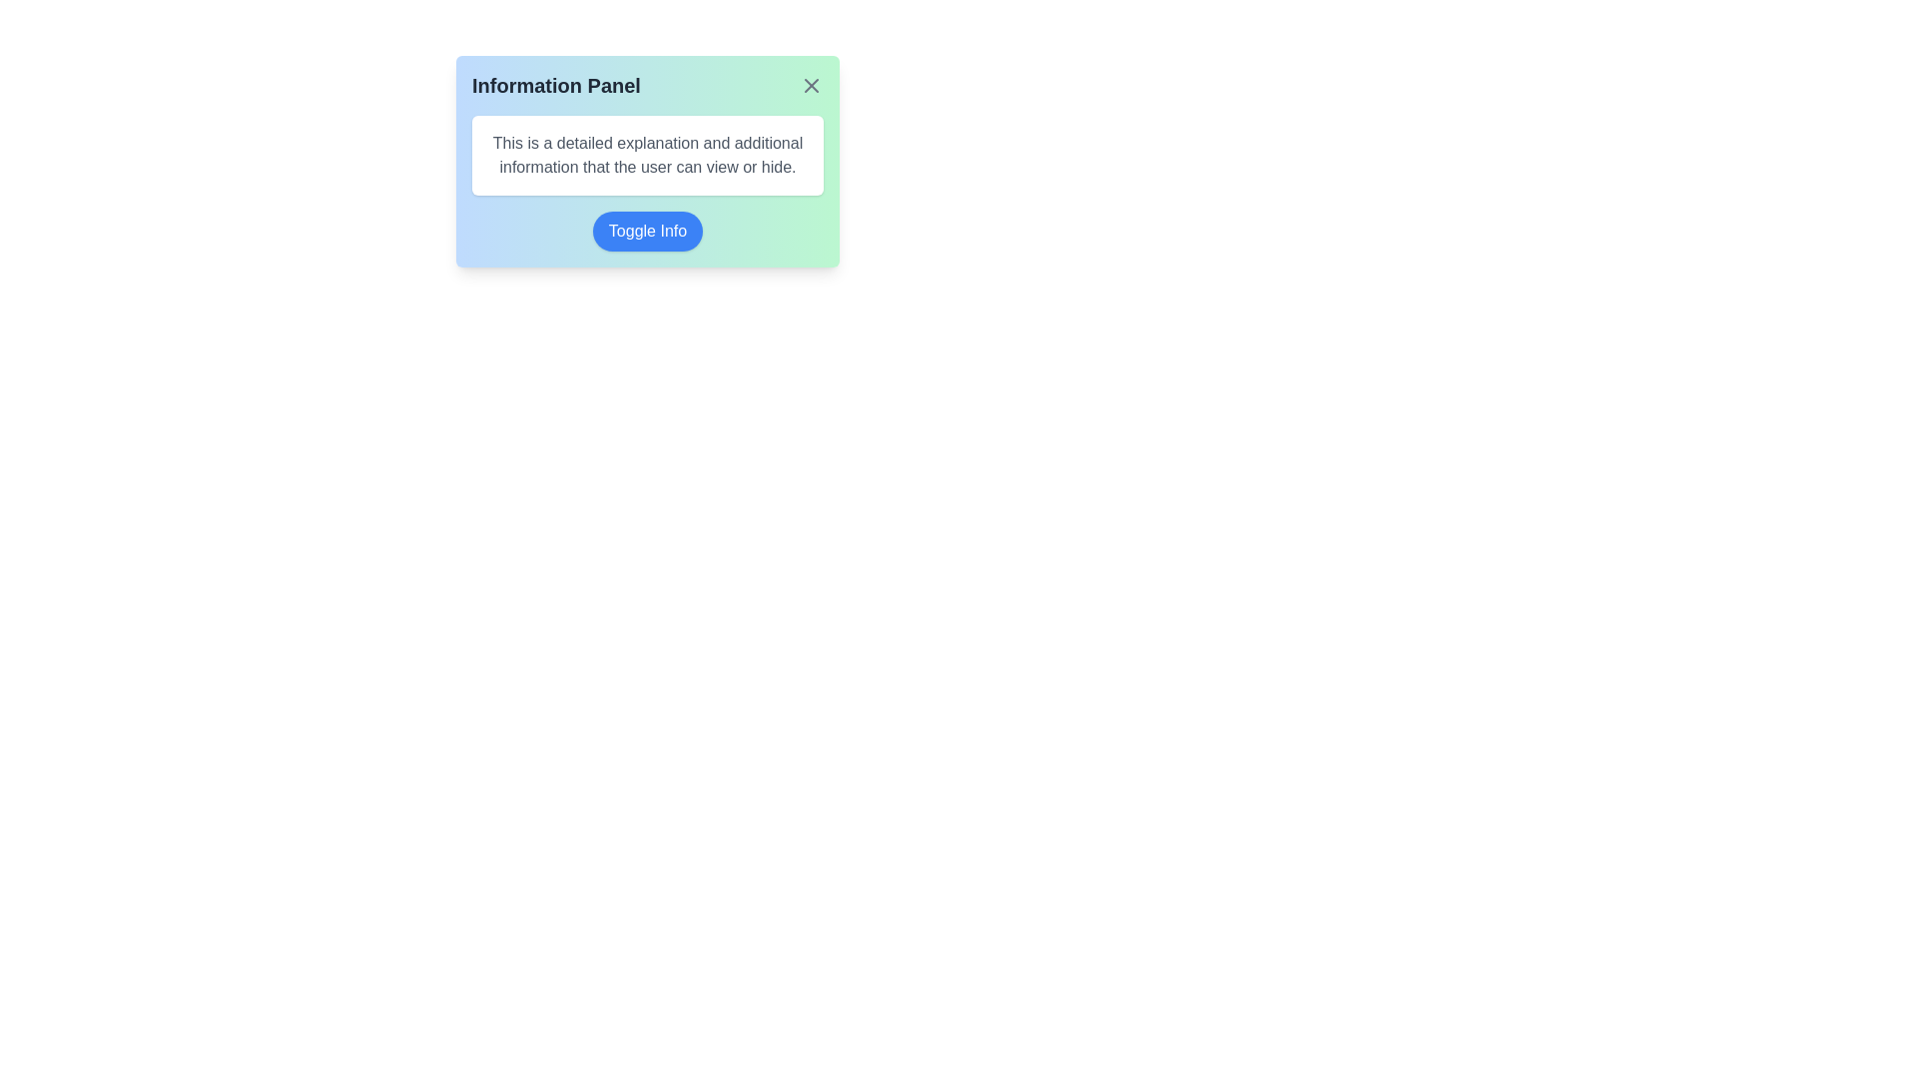 The image size is (1917, 1078). What do you see at coordinates (647, 154) in the screenshot?
I see `the Text Label that displays additional explanations or details, located in the 'Information Panel' below the title text and above the 'Toggle Info' button` at bounding box center [647, 154].